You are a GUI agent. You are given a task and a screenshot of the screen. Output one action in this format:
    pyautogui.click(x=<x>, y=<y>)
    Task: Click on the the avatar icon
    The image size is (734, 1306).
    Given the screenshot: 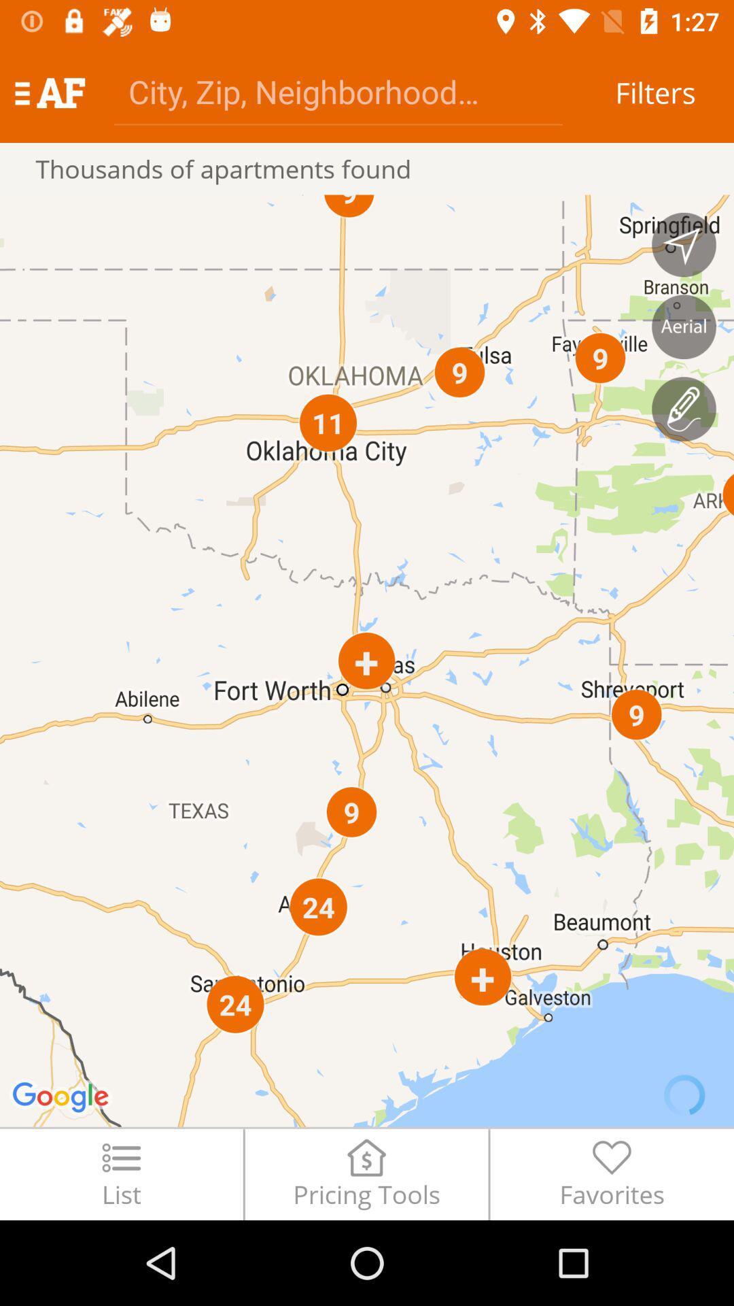 What is the action you would take?
    pyautogui.click(x=684, y=326)
    